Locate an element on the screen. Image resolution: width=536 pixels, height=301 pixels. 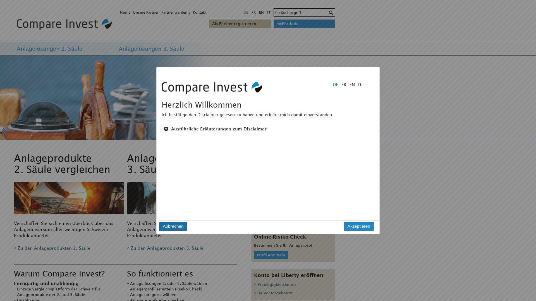
'FR' is located at coordinates (249, 12).